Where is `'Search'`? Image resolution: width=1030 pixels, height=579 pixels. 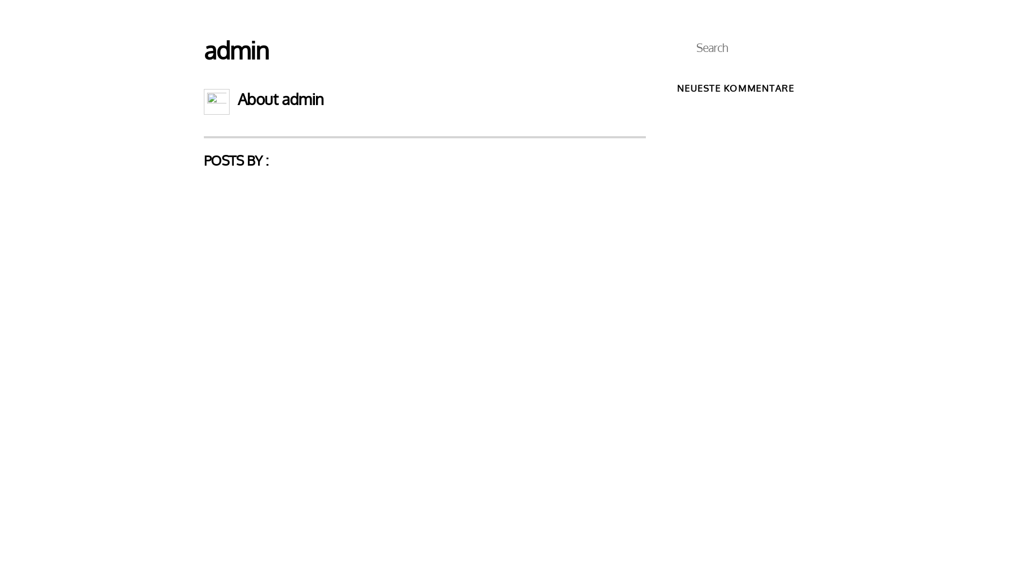
'Search' is located at coordinates (751, 47).